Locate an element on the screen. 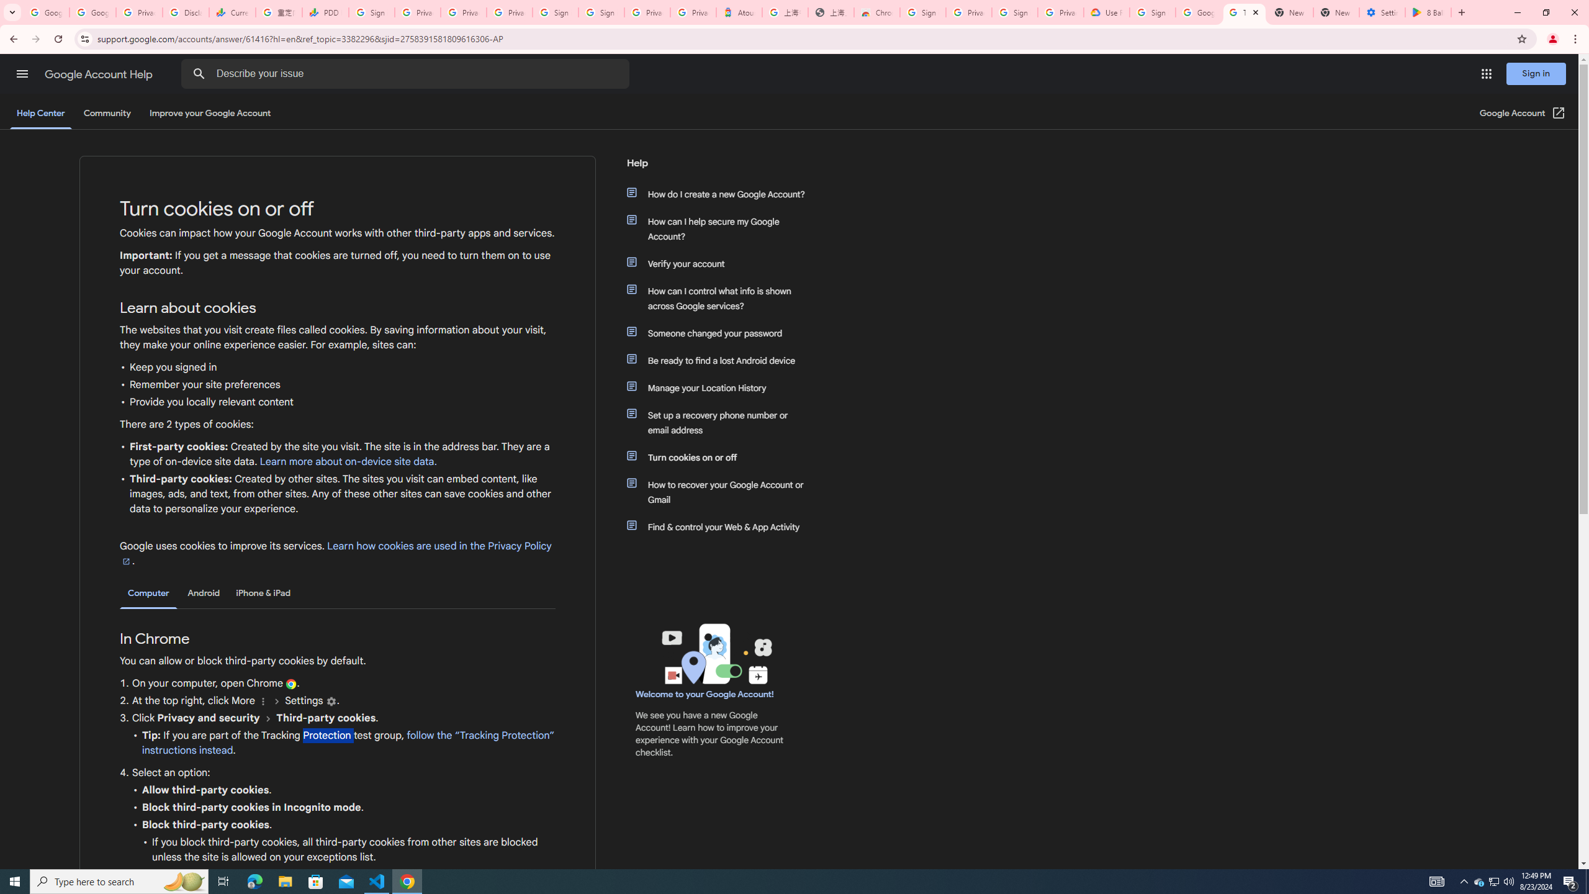 This screenshot has width=1589, height=894. 'Describe your issue' is located at coordinates (407, 73).